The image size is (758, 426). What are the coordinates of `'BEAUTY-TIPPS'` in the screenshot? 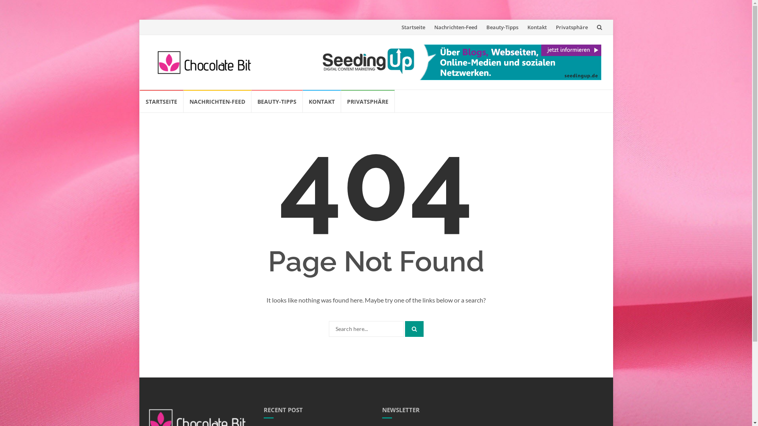 It's located at (276, 101).